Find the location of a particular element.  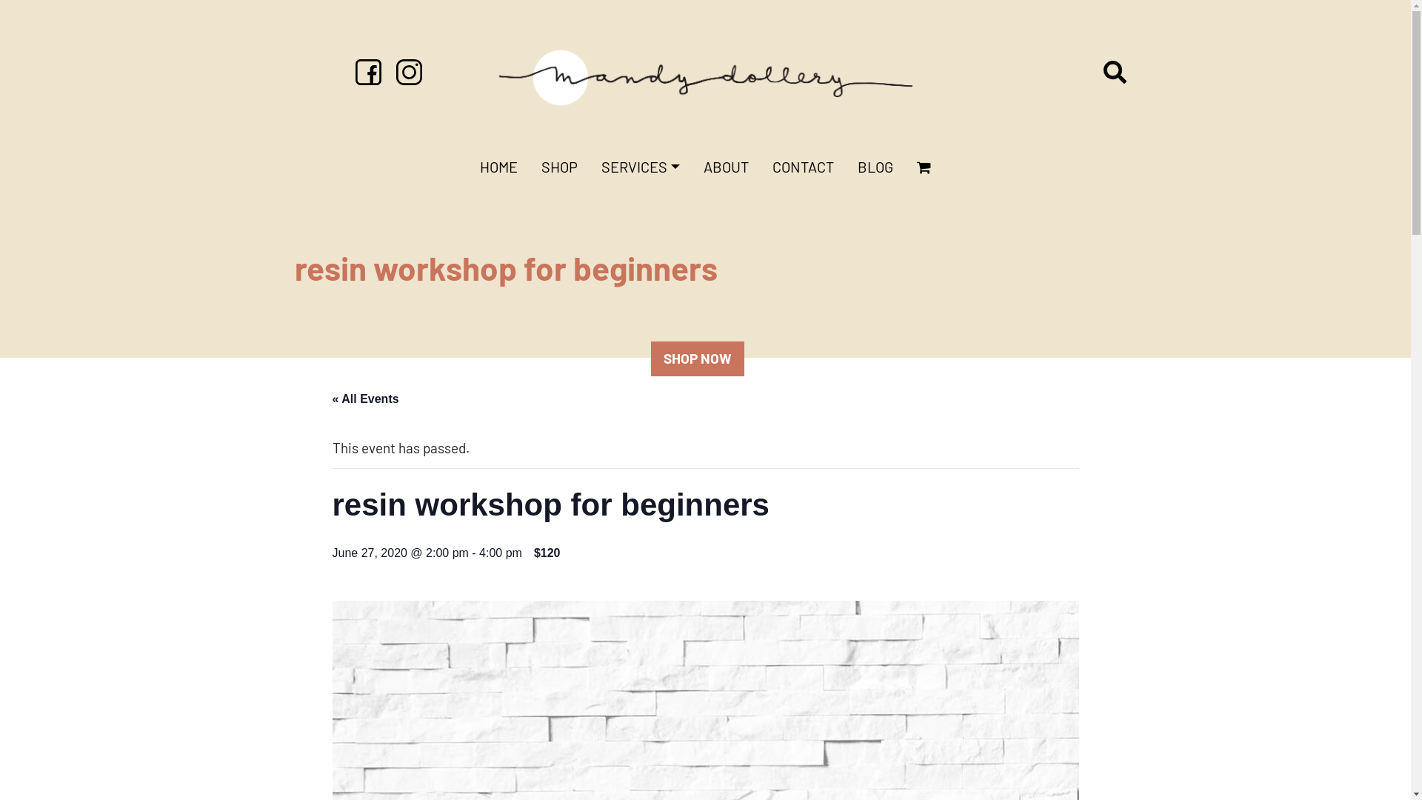

'ABOUT' is located at coordinates (726, 166).